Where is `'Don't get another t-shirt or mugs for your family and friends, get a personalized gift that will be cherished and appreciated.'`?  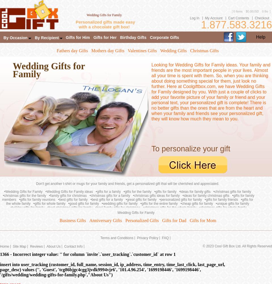
'Don't get another t-shirt or mugs for your family and friends, get a personalized gift that will be cherished and appreciated.' is located at coordinates (127, 184).